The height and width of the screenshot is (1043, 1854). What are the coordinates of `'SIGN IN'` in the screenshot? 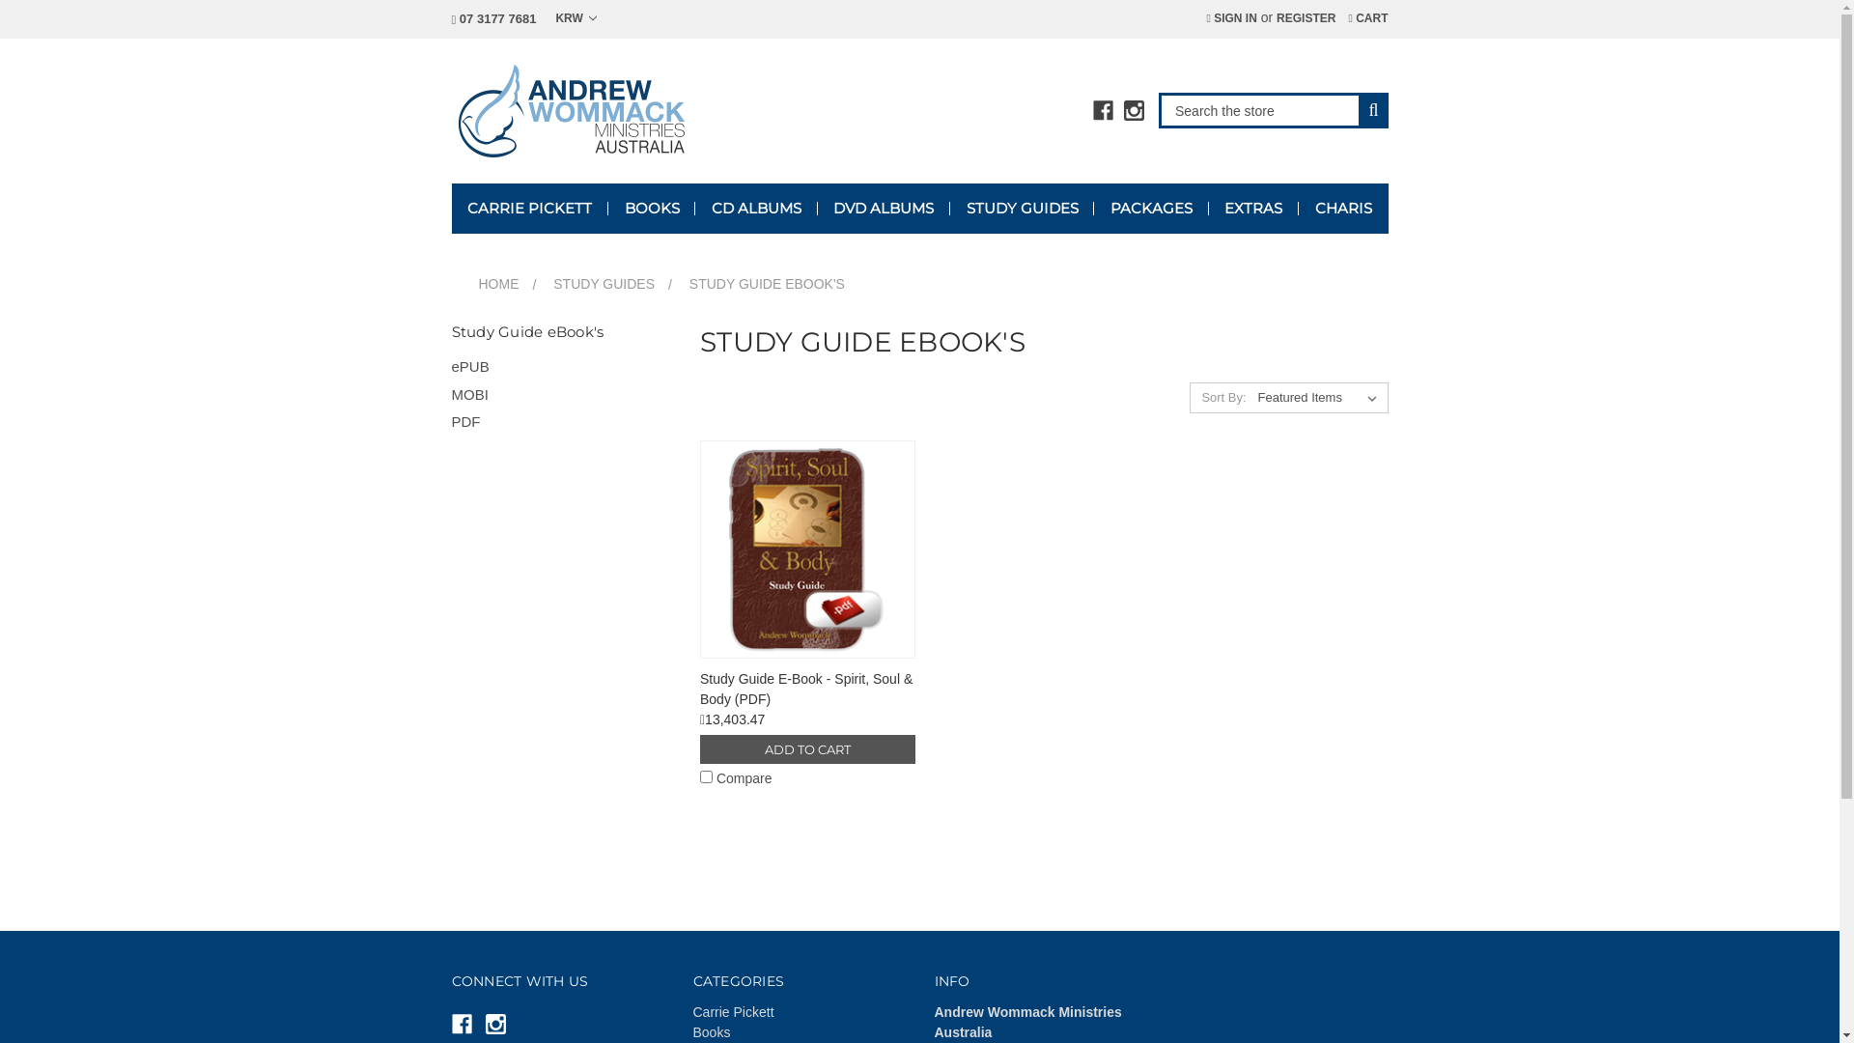 It's located at (1230, 18).